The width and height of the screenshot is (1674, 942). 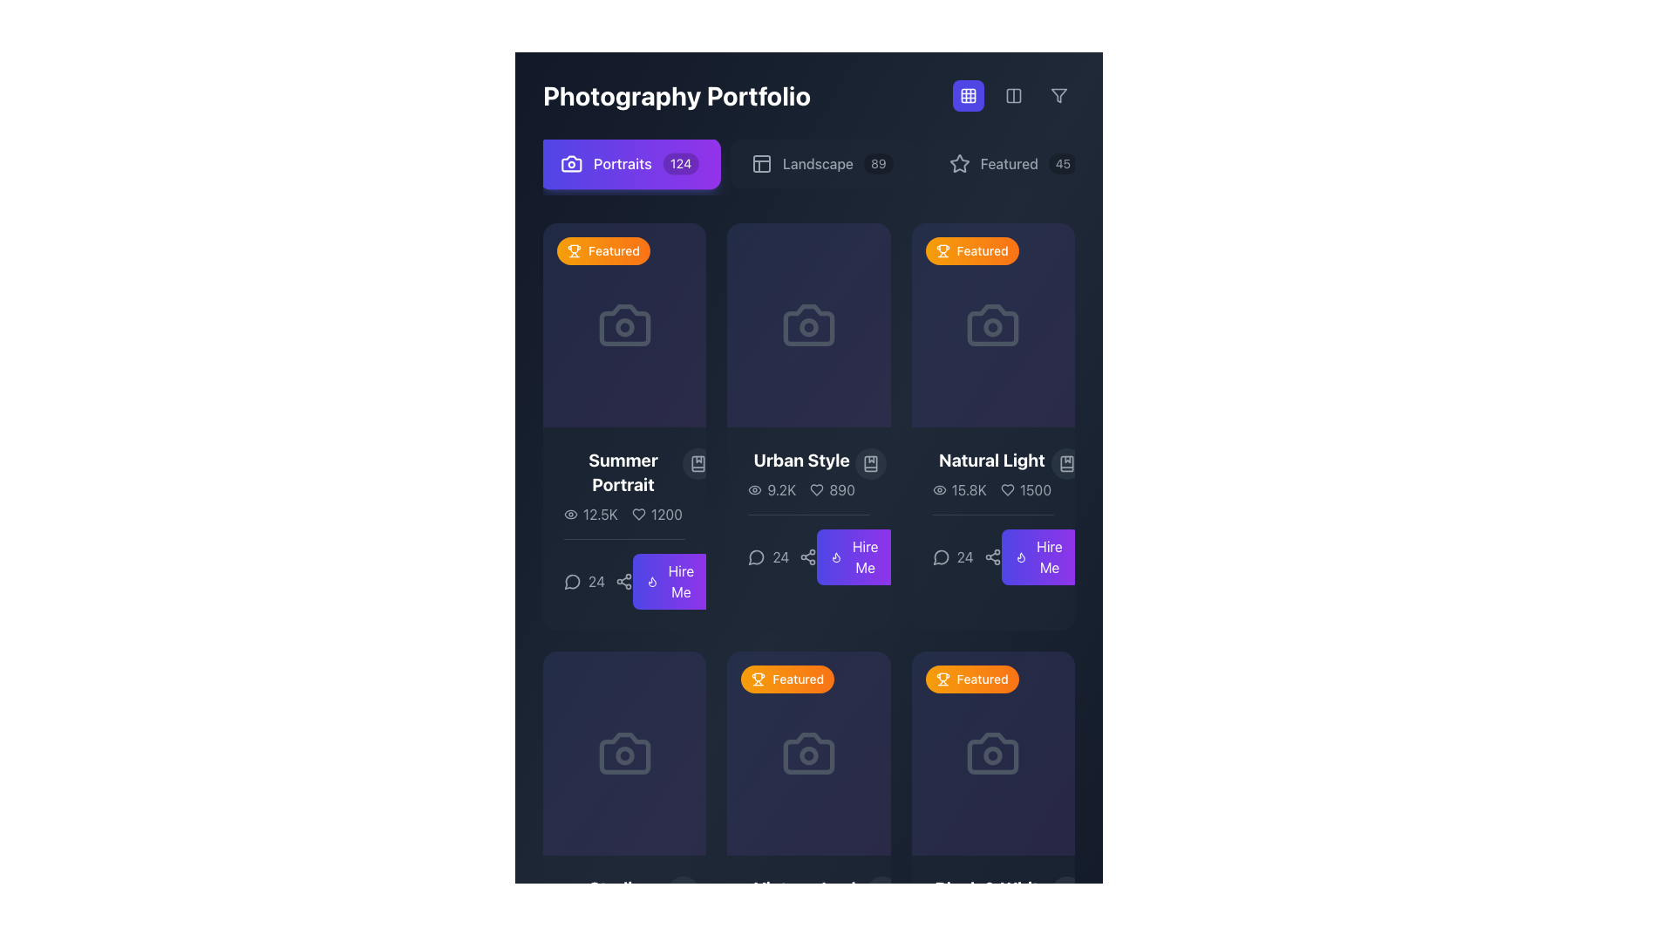 I want to click on the camera icon located in the fourth card of the second row, which is marked as 'Featured' with an orange badge, so click(x=993, y=753).